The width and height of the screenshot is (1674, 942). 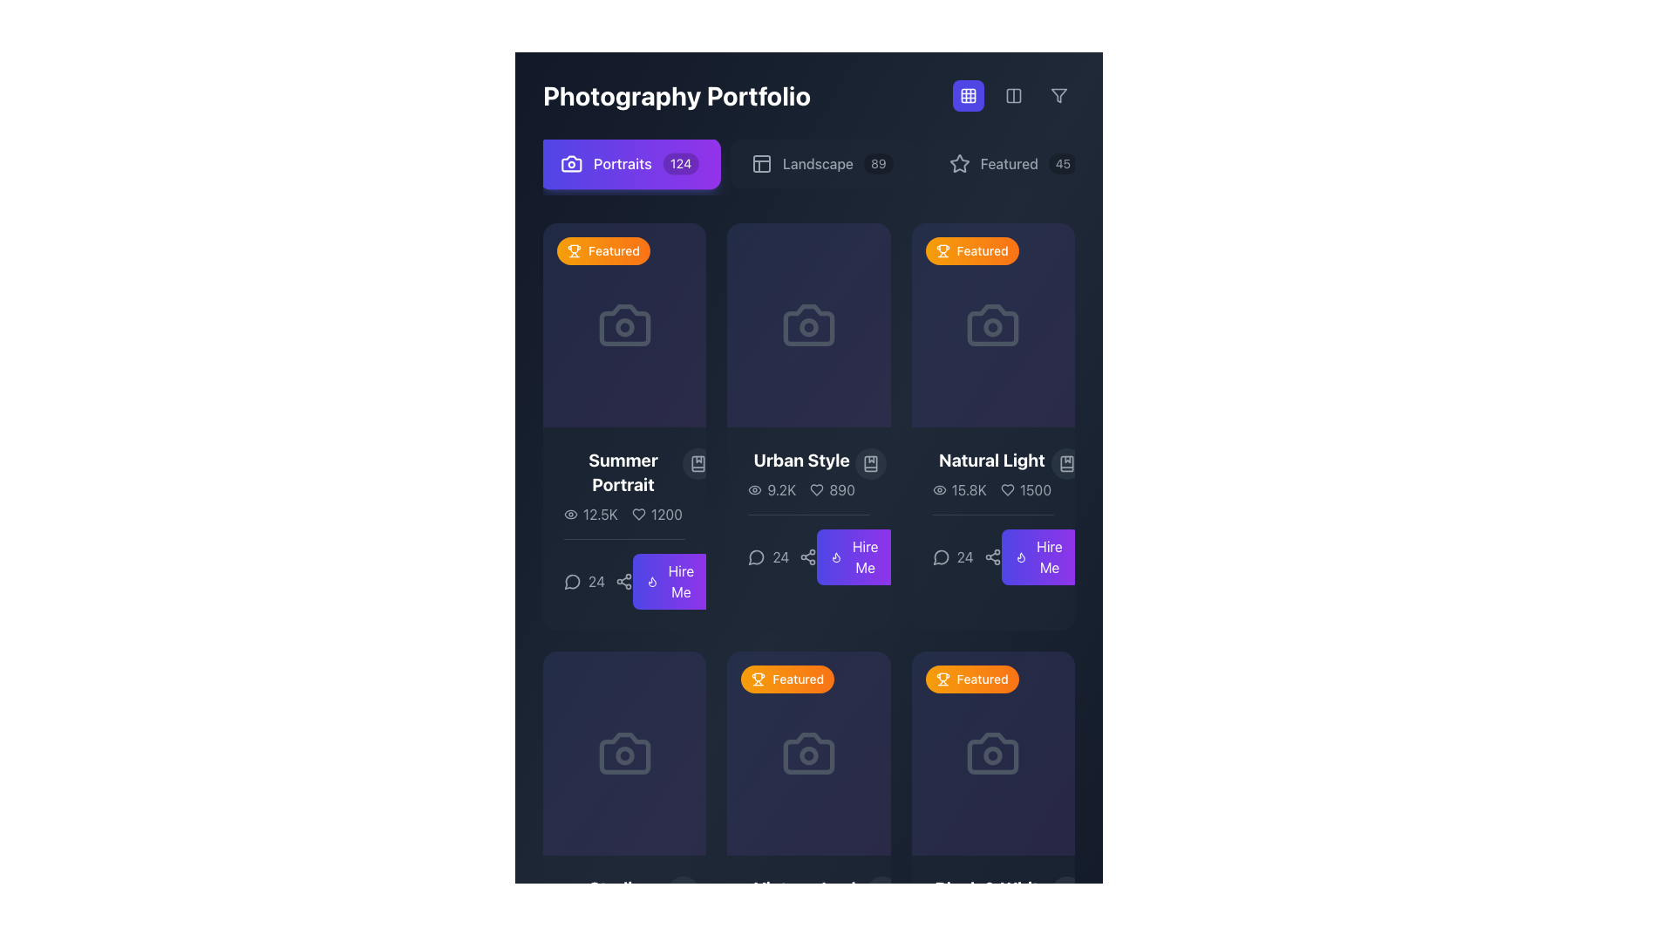 I want to click on the camera icon located in the fourth card of the second row, which is marked as 'Featured' with an orange badge, so click(x=993, y=753).